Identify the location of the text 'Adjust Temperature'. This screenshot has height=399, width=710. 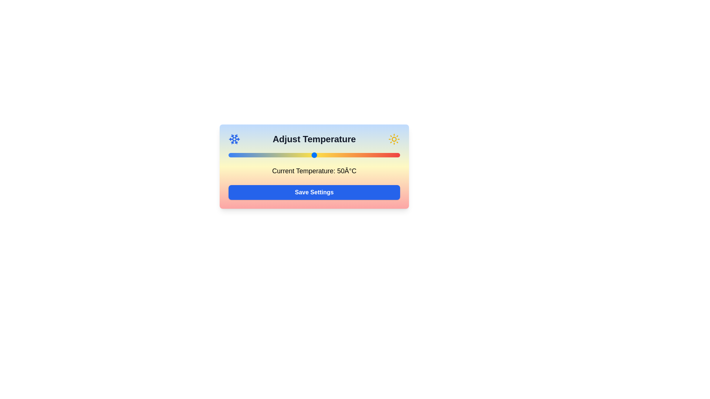
(314, 139).